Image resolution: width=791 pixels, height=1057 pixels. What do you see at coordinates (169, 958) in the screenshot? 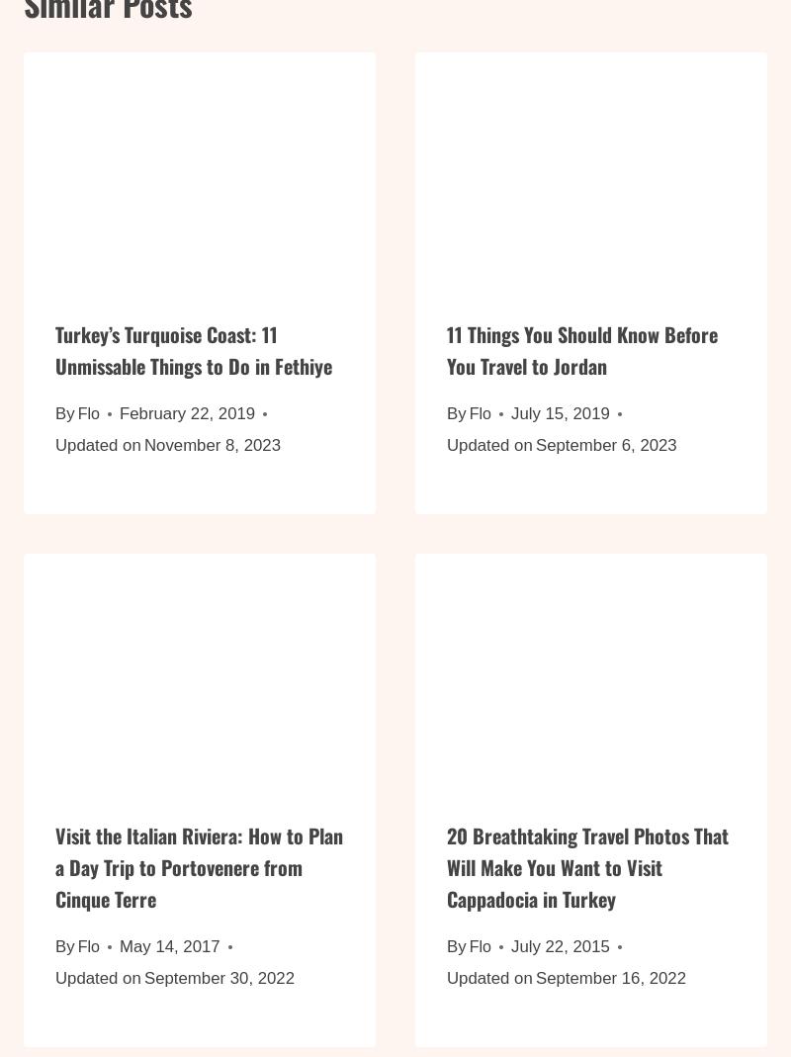
I see `'May 14, 2017'` at bounding box center [169, 958].